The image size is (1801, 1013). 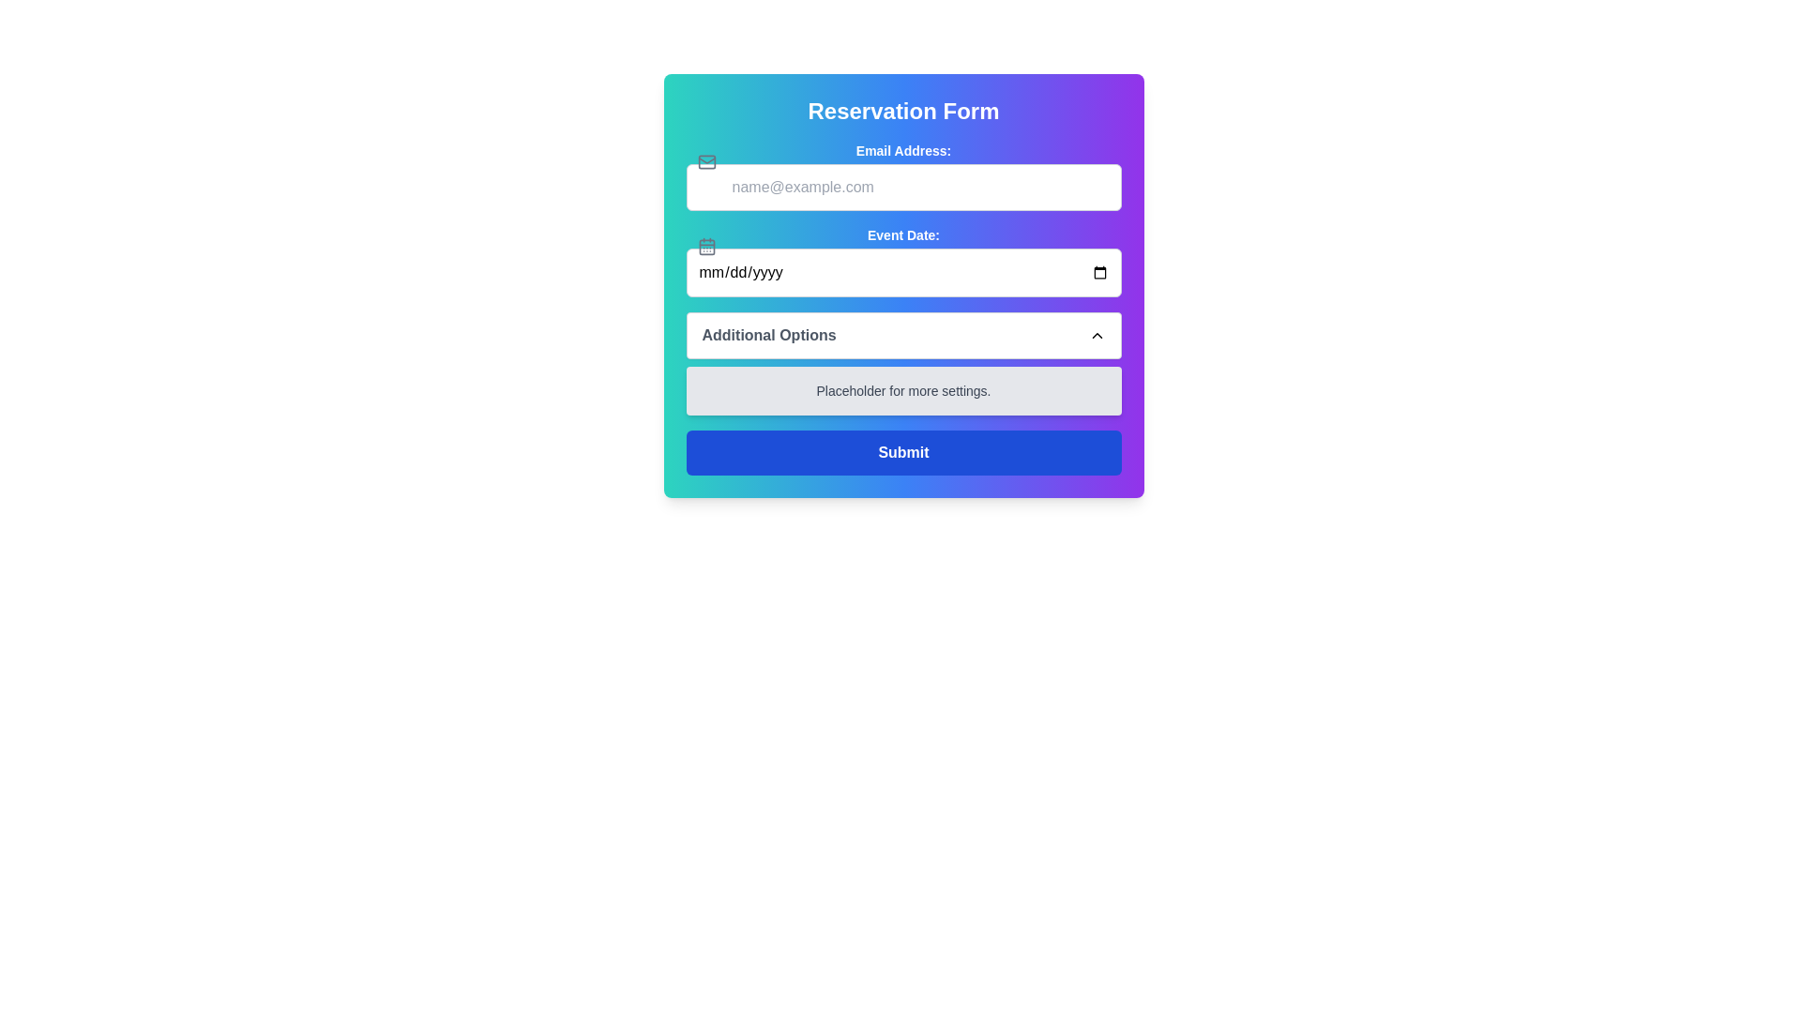 What do you see at coordinates (1097, 335) in the screenshot?
I see `the chevron icon on the right side of the 'Additional Options' section header` at bounding box center [1097, 335].